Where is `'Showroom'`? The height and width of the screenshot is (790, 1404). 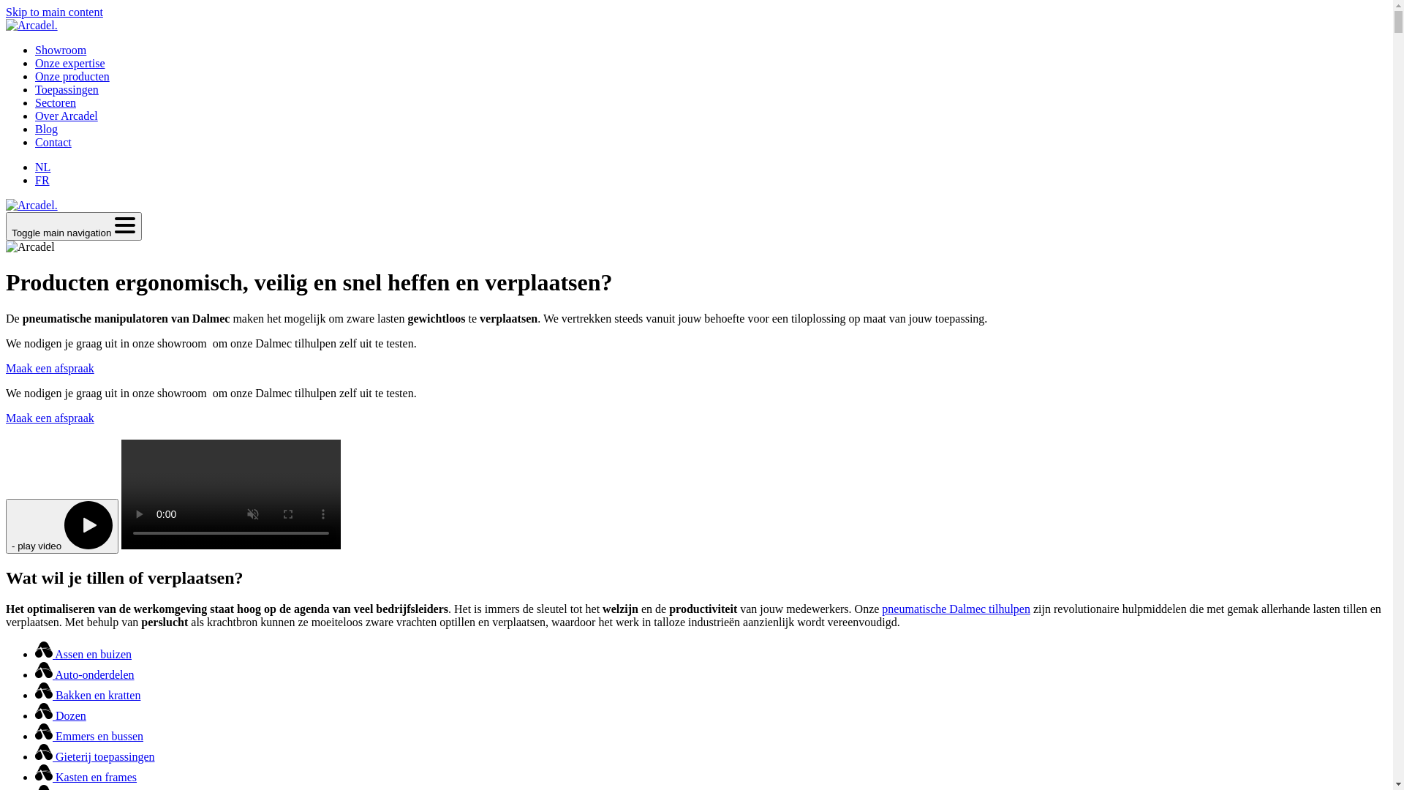 'Showroom' is located at coordinates (59, 49).